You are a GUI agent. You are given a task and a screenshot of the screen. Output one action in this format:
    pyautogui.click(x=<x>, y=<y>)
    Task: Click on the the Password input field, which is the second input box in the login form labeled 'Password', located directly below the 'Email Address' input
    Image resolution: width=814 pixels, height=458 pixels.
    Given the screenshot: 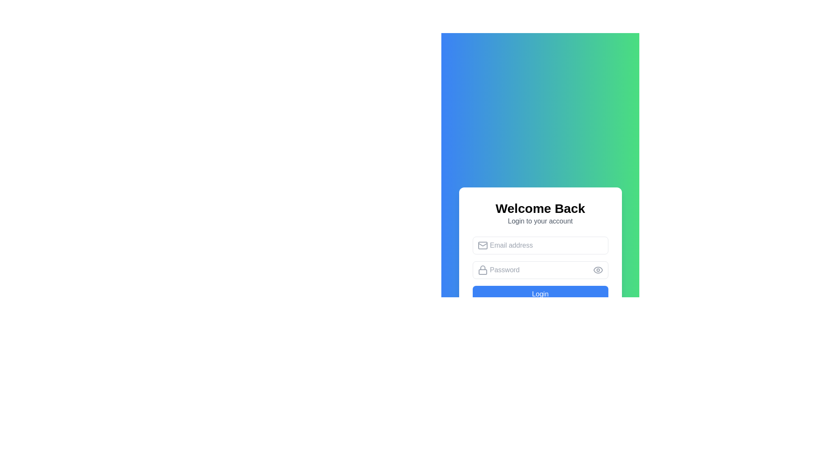 What is the action you would take?
    pyautogui.click(x=540, y=270)
    